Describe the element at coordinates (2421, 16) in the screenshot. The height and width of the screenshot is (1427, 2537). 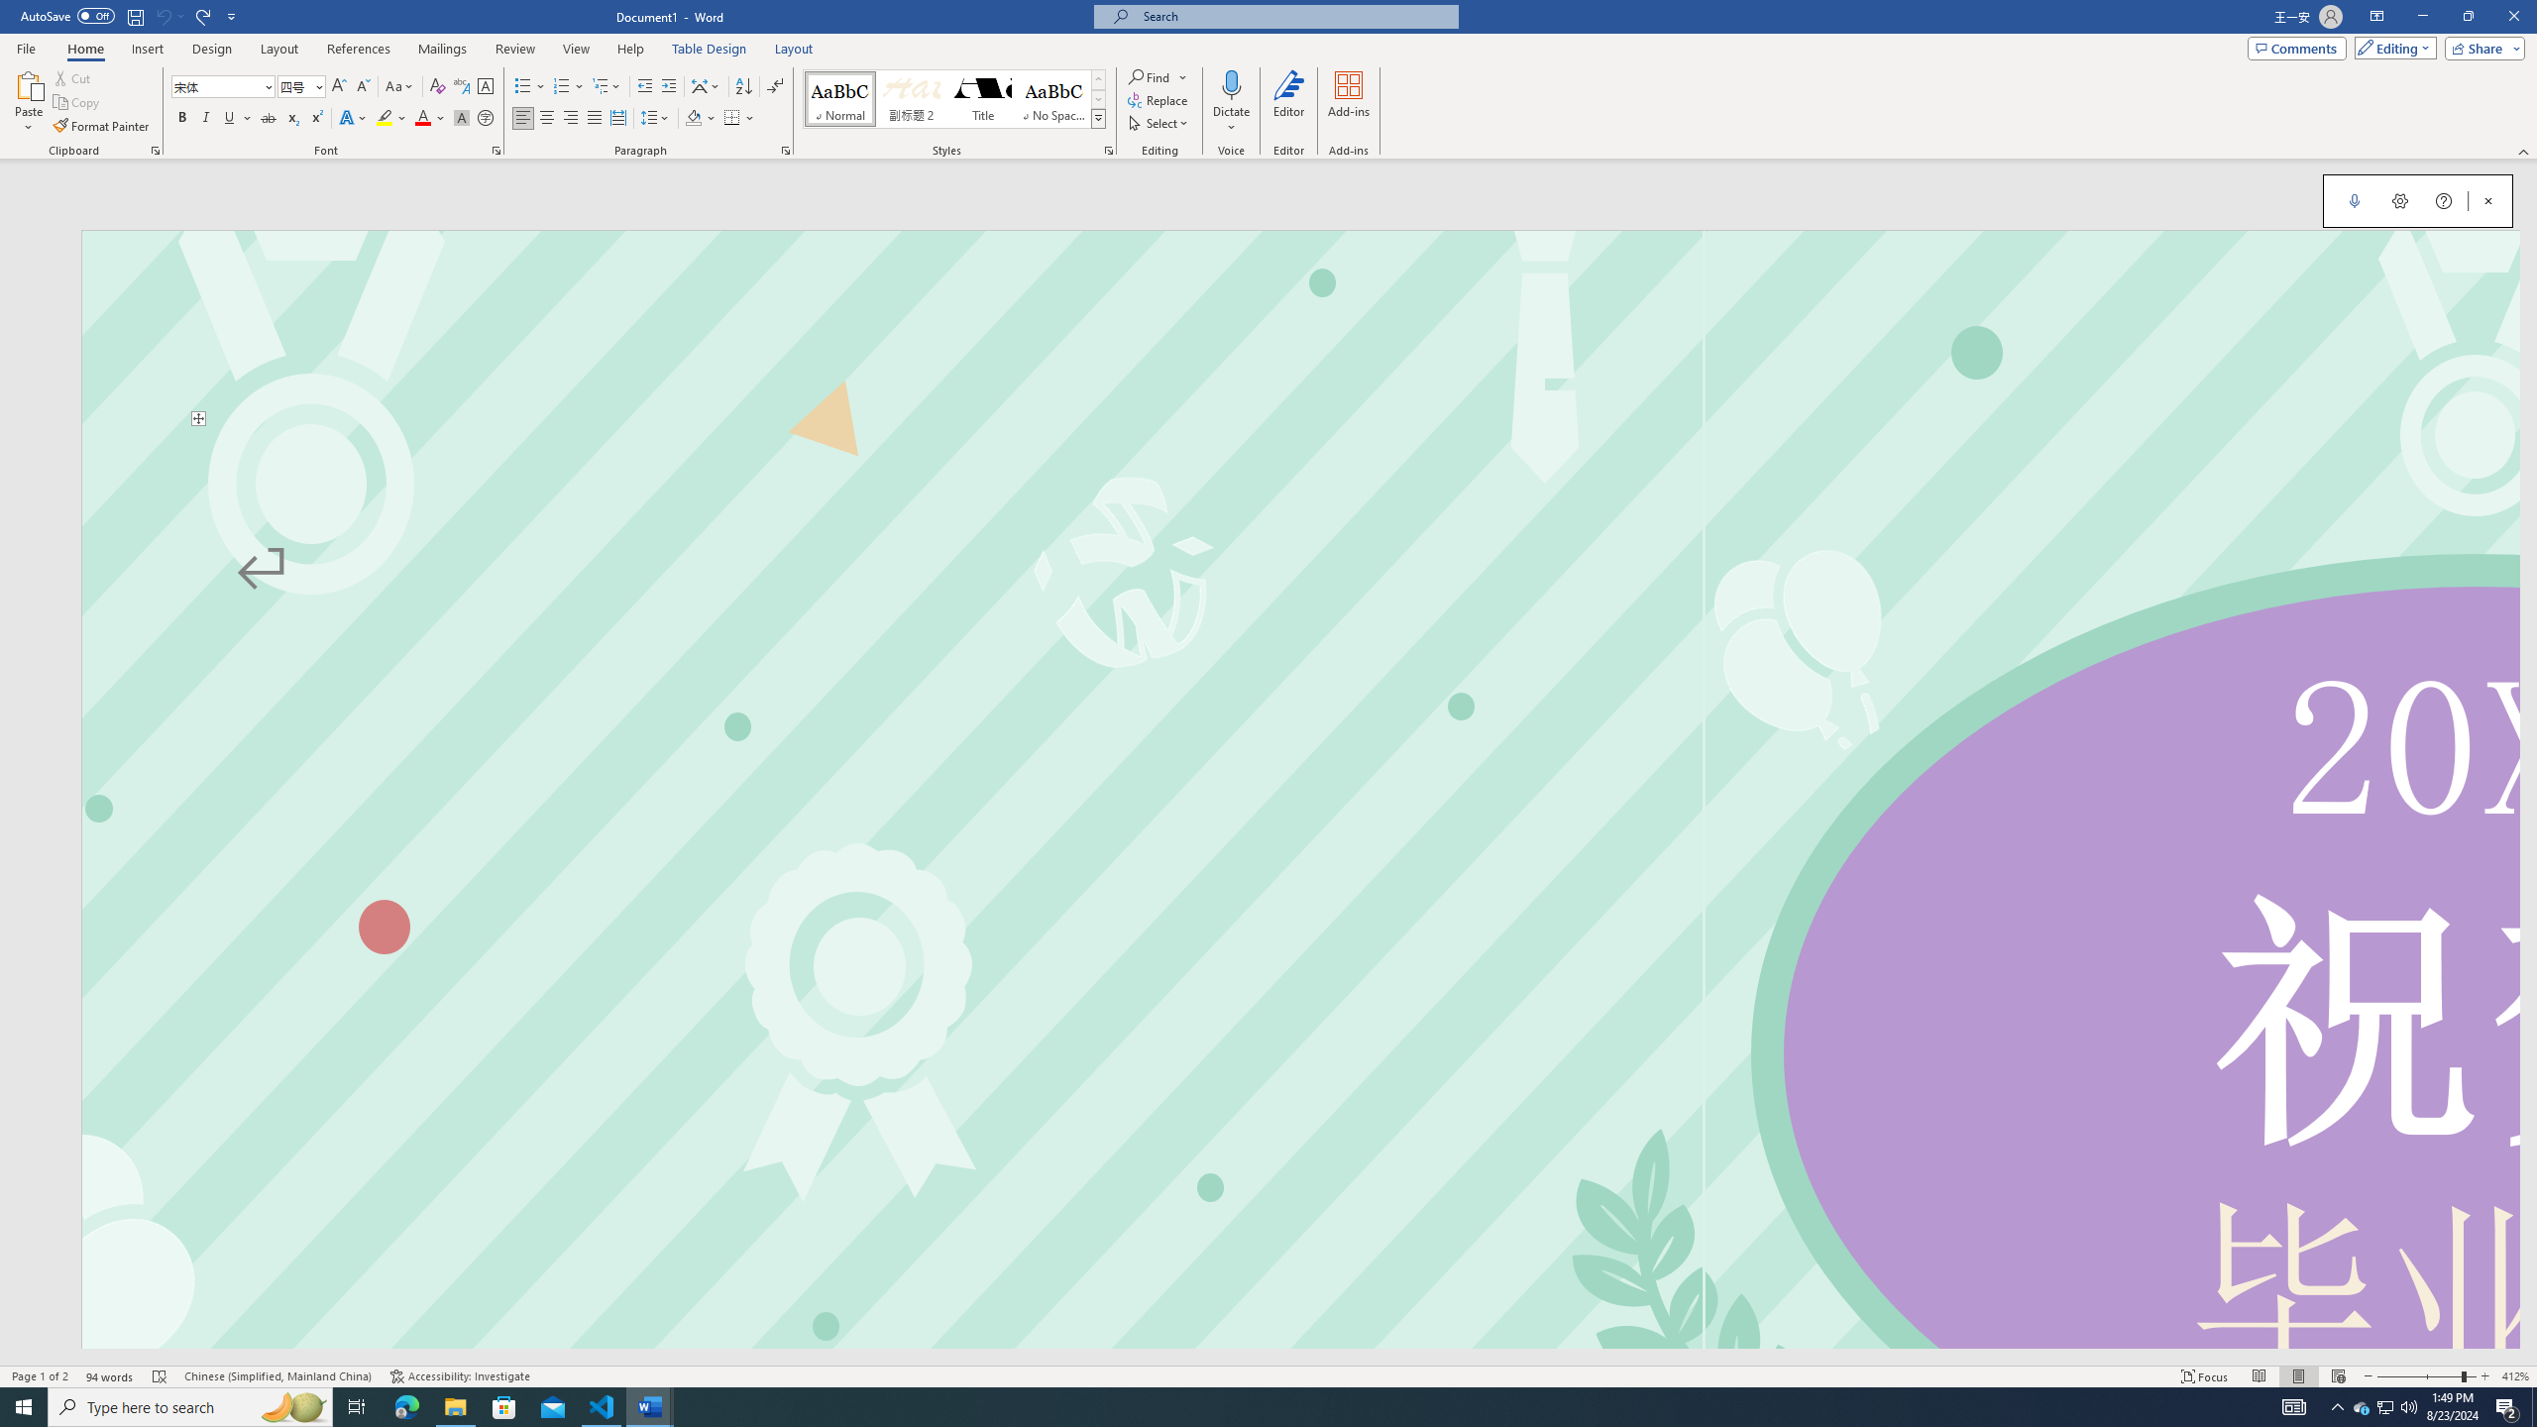
I see `'Minimize'` at that location.